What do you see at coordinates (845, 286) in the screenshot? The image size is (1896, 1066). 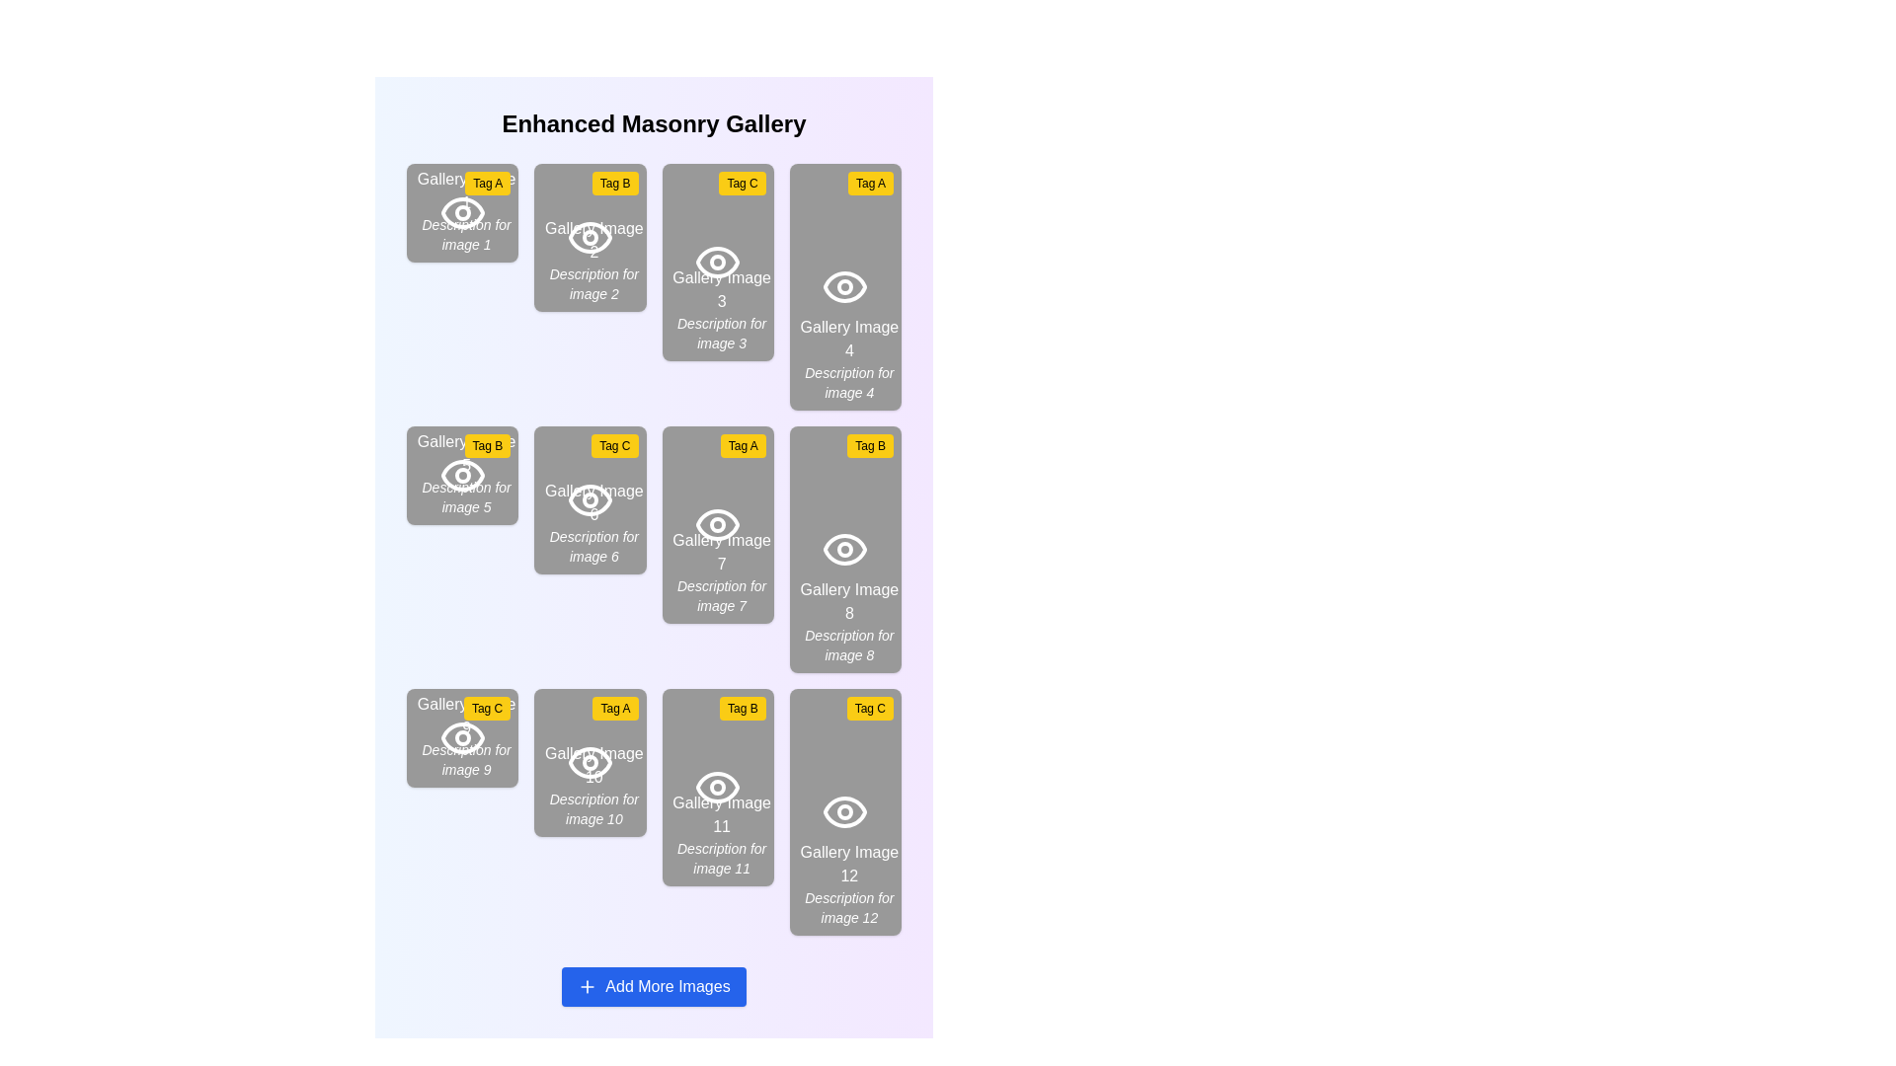 I see `the eye-shaped icon button located in the center of the 'Gallery Image 4' tile, which has a minimalistic outlined design and is white against a gray background` at bounding box center [845, 286].